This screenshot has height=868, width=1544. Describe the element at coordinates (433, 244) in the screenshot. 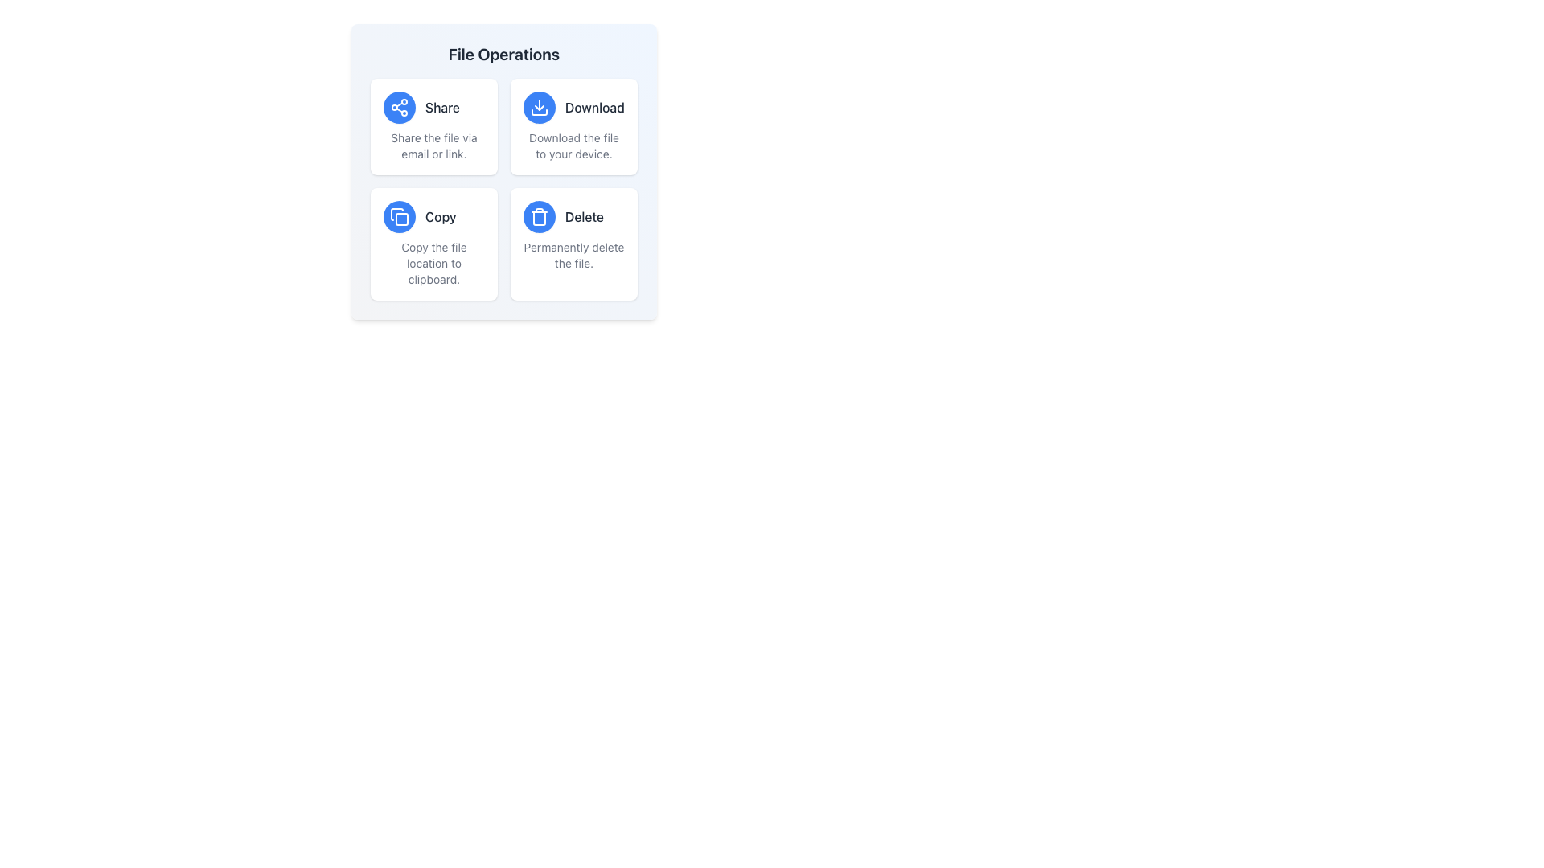

I see `the button-like card in the bottom-left quadrant of the 'File Operations' section to copy the file location to the clipboard` at that location.